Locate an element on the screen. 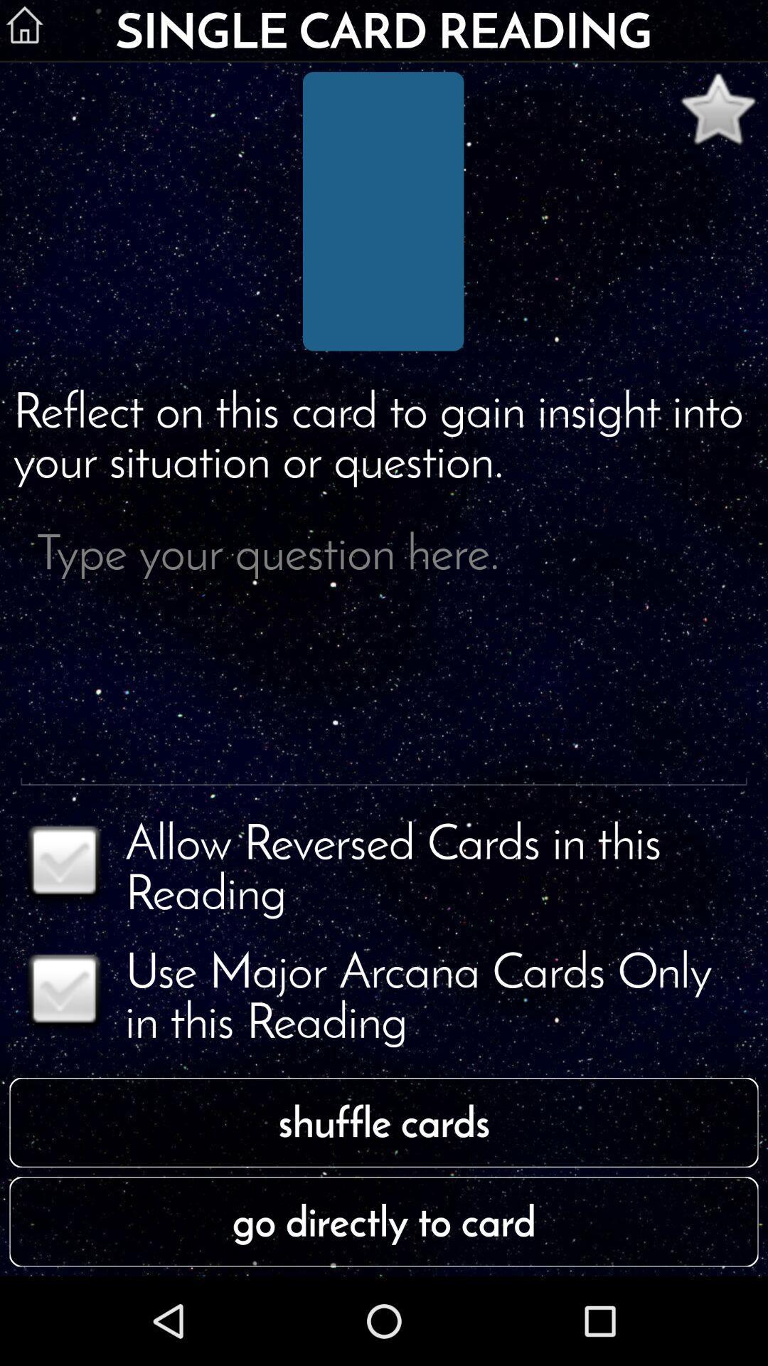  the home icon is located at coordinates (24, 26).